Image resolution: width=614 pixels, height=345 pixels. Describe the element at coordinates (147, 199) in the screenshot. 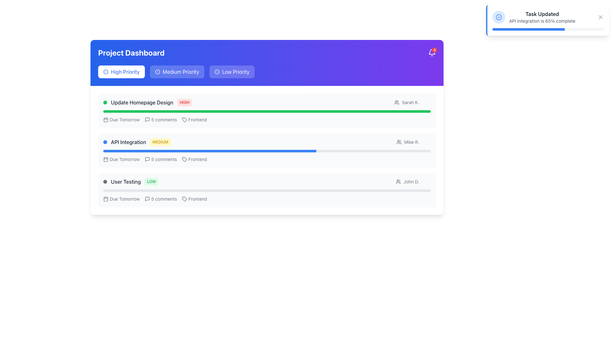

I see `the comment icon located in the top-right corner of the 'User Testing' card, which serves as a visual indicator for comments` at that location.